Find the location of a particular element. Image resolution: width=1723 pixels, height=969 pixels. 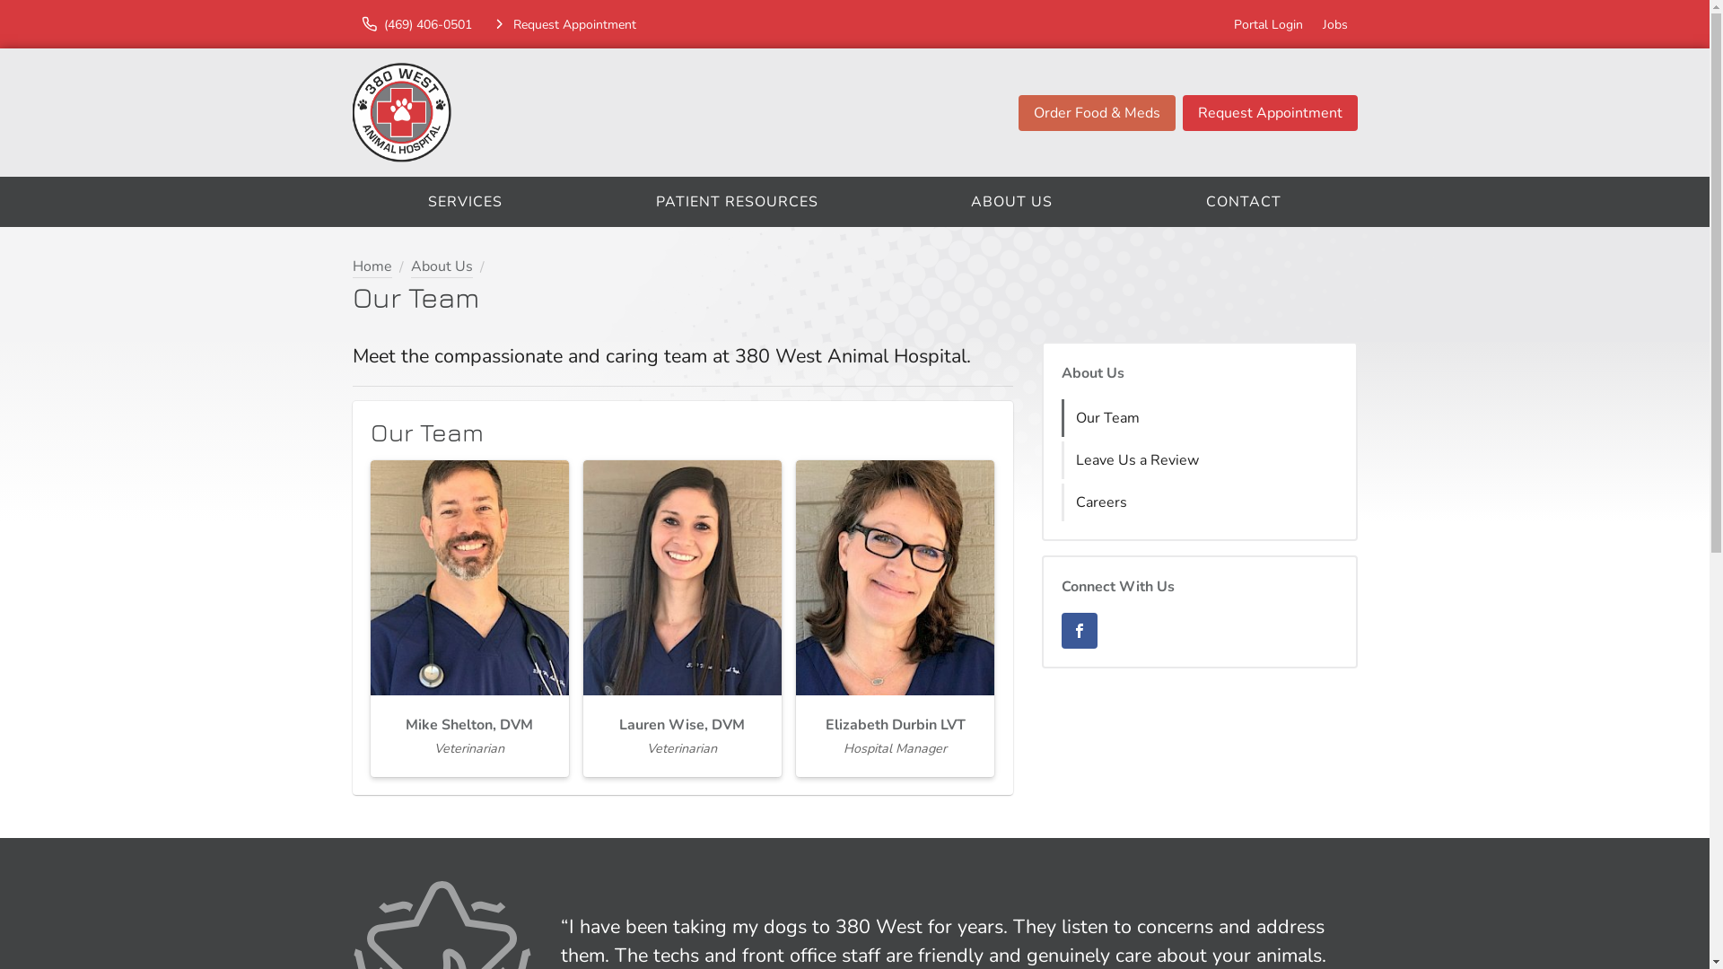

'SERVICES' is located at coordinates (465, 201).